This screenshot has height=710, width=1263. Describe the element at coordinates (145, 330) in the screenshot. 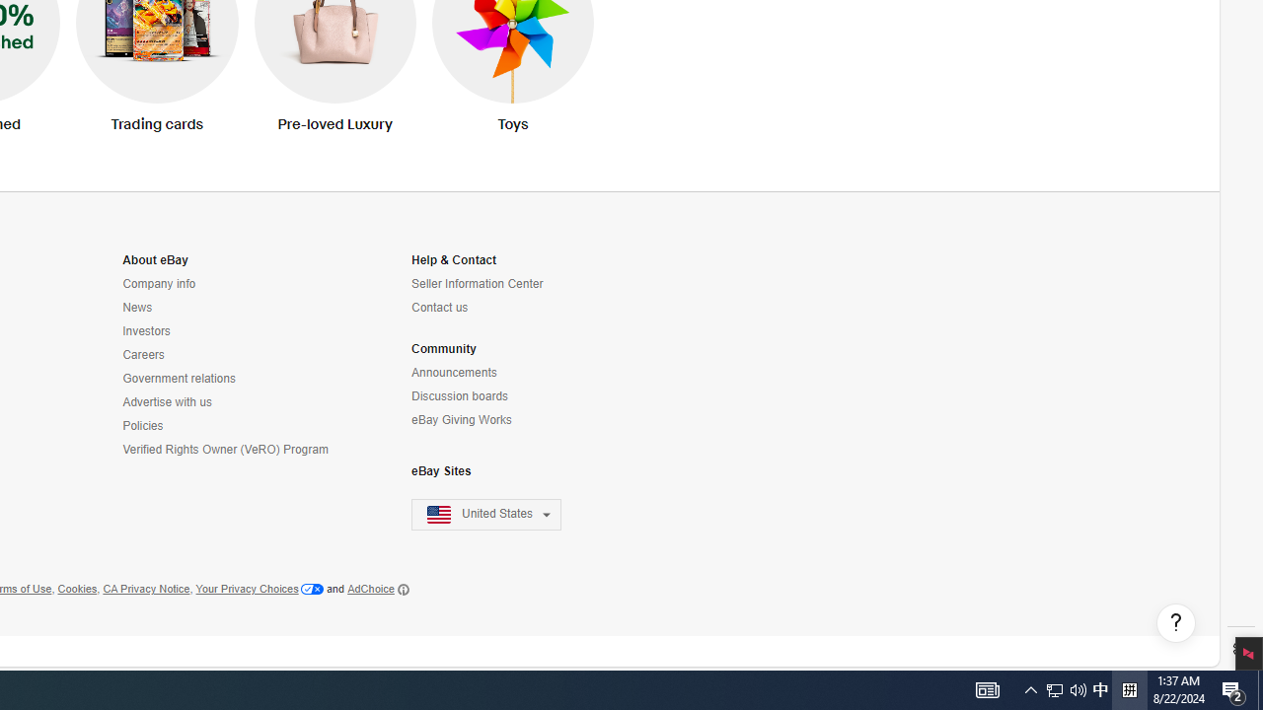

I see `'Investors'` at that location.